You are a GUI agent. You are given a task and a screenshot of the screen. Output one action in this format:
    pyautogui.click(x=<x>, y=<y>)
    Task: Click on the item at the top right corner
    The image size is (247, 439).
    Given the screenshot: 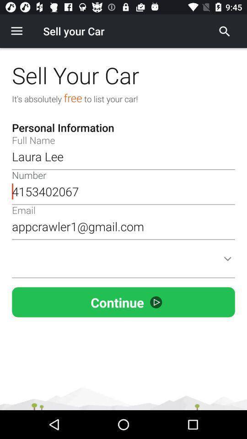 What is the action you would take?
    pyautogui.click(x=224, y=31)
    